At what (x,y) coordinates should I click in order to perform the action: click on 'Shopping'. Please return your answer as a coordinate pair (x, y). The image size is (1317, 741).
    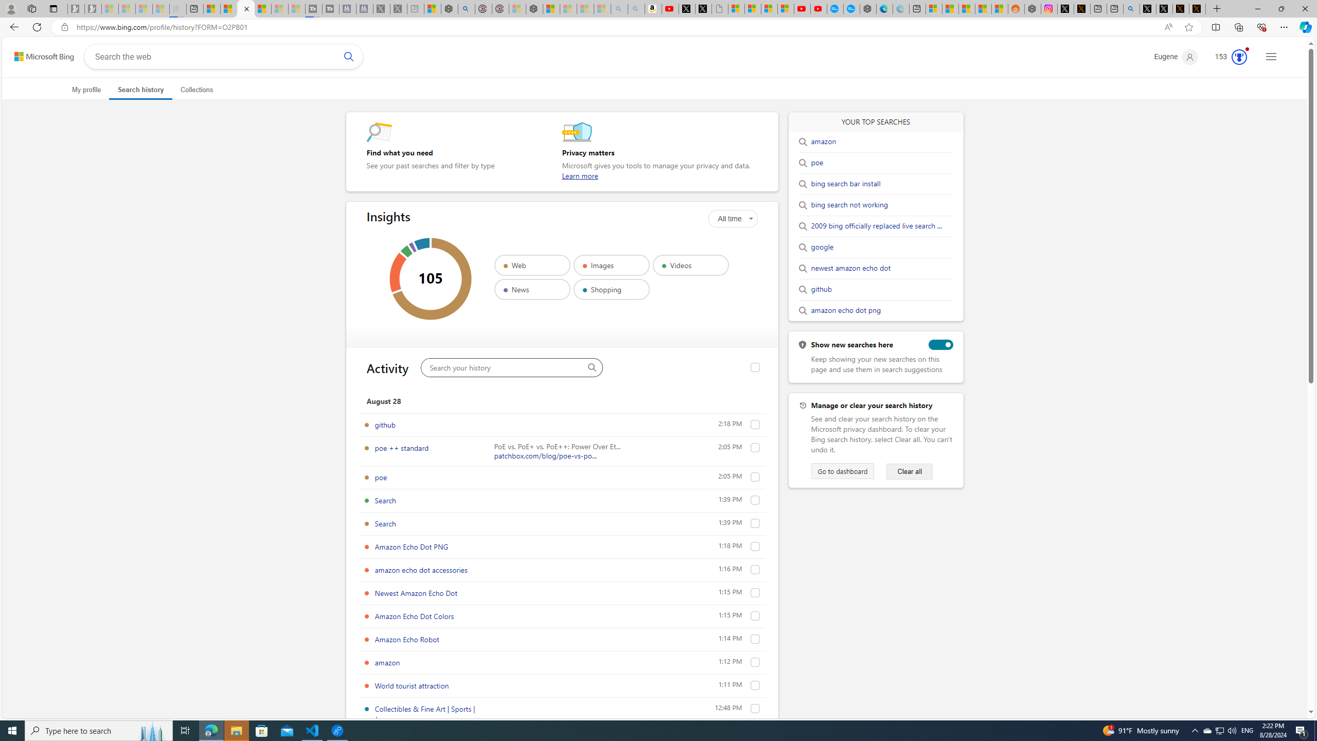
    Looking at the image, I should click on (610, 289).